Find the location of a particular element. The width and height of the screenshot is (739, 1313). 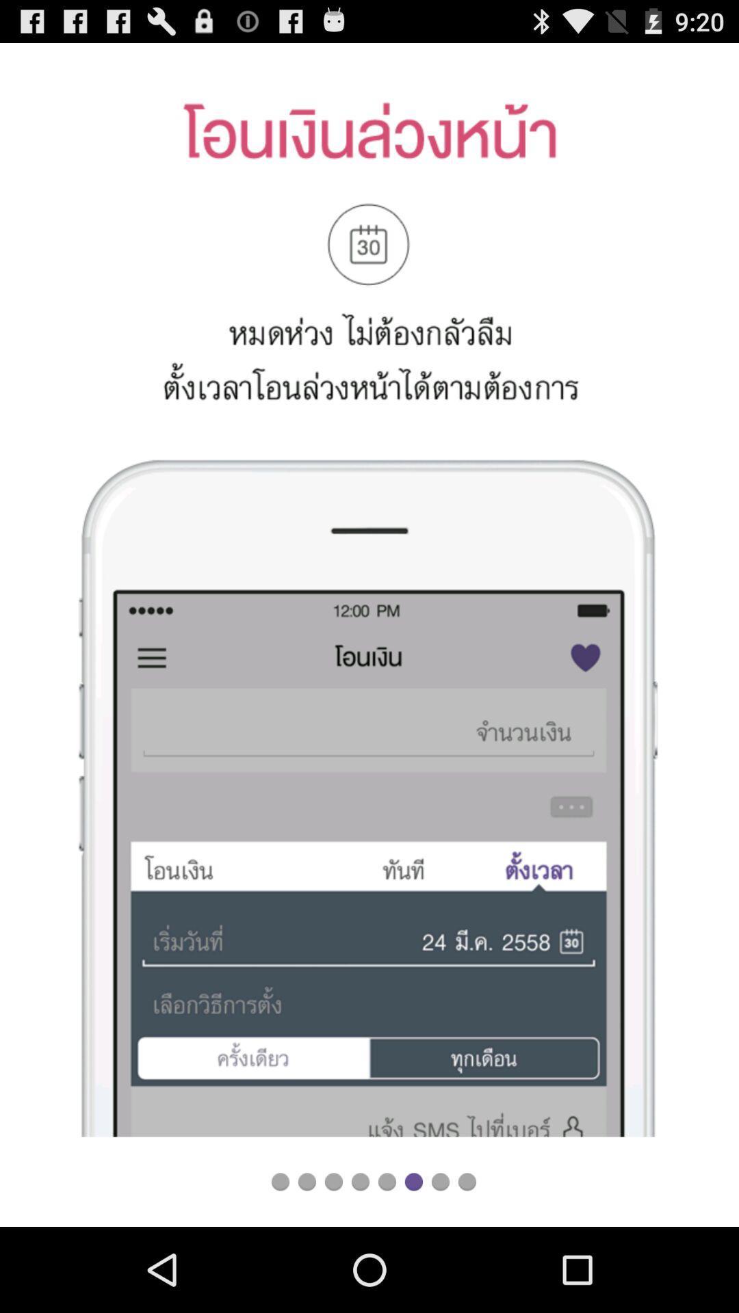

switch to slide first option is located at coordinates (279, 1181).